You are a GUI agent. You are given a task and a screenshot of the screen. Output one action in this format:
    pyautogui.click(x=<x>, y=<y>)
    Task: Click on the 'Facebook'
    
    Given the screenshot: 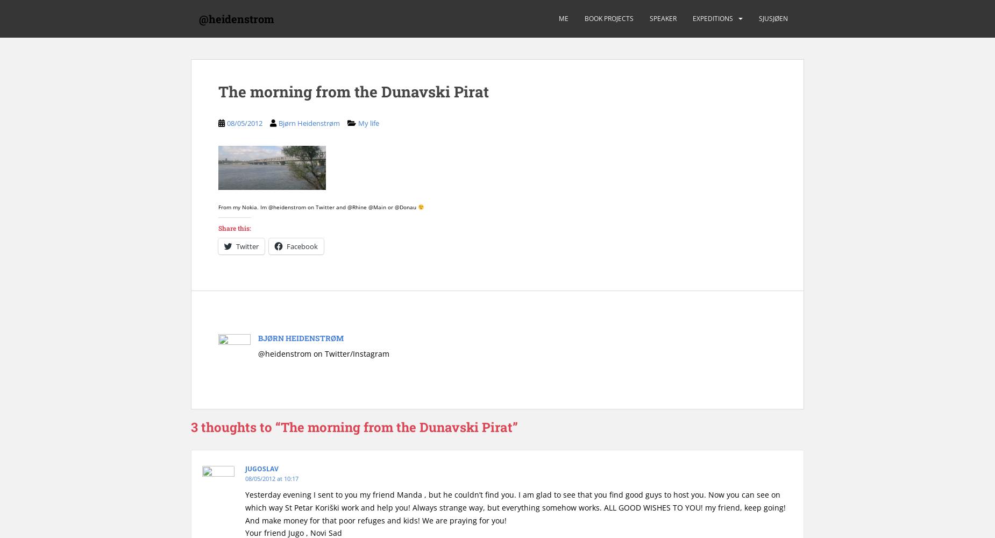 What is the action you would take?
    pyautogui.click(x=302, y=245)
    